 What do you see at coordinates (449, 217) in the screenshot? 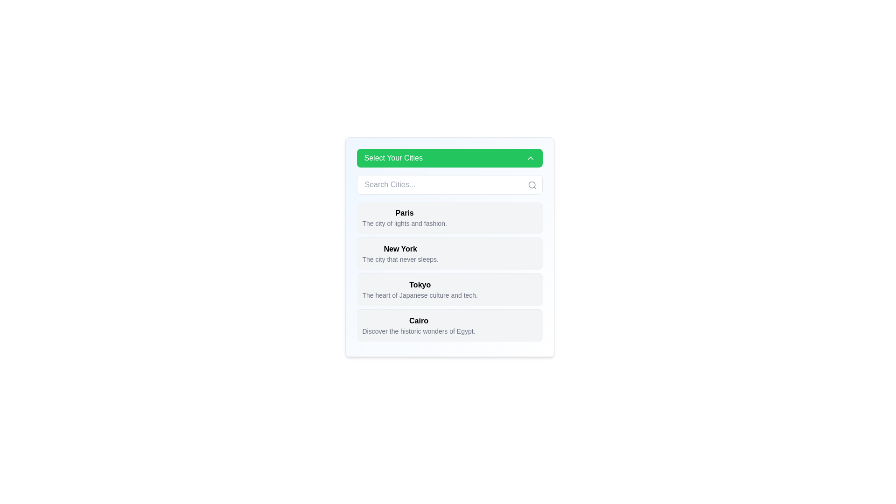
I see `the 'Paris' button-like list item, which is the first element in a vertical list below the 'Search Cities...' search bar` at bounding box center [449, 217].